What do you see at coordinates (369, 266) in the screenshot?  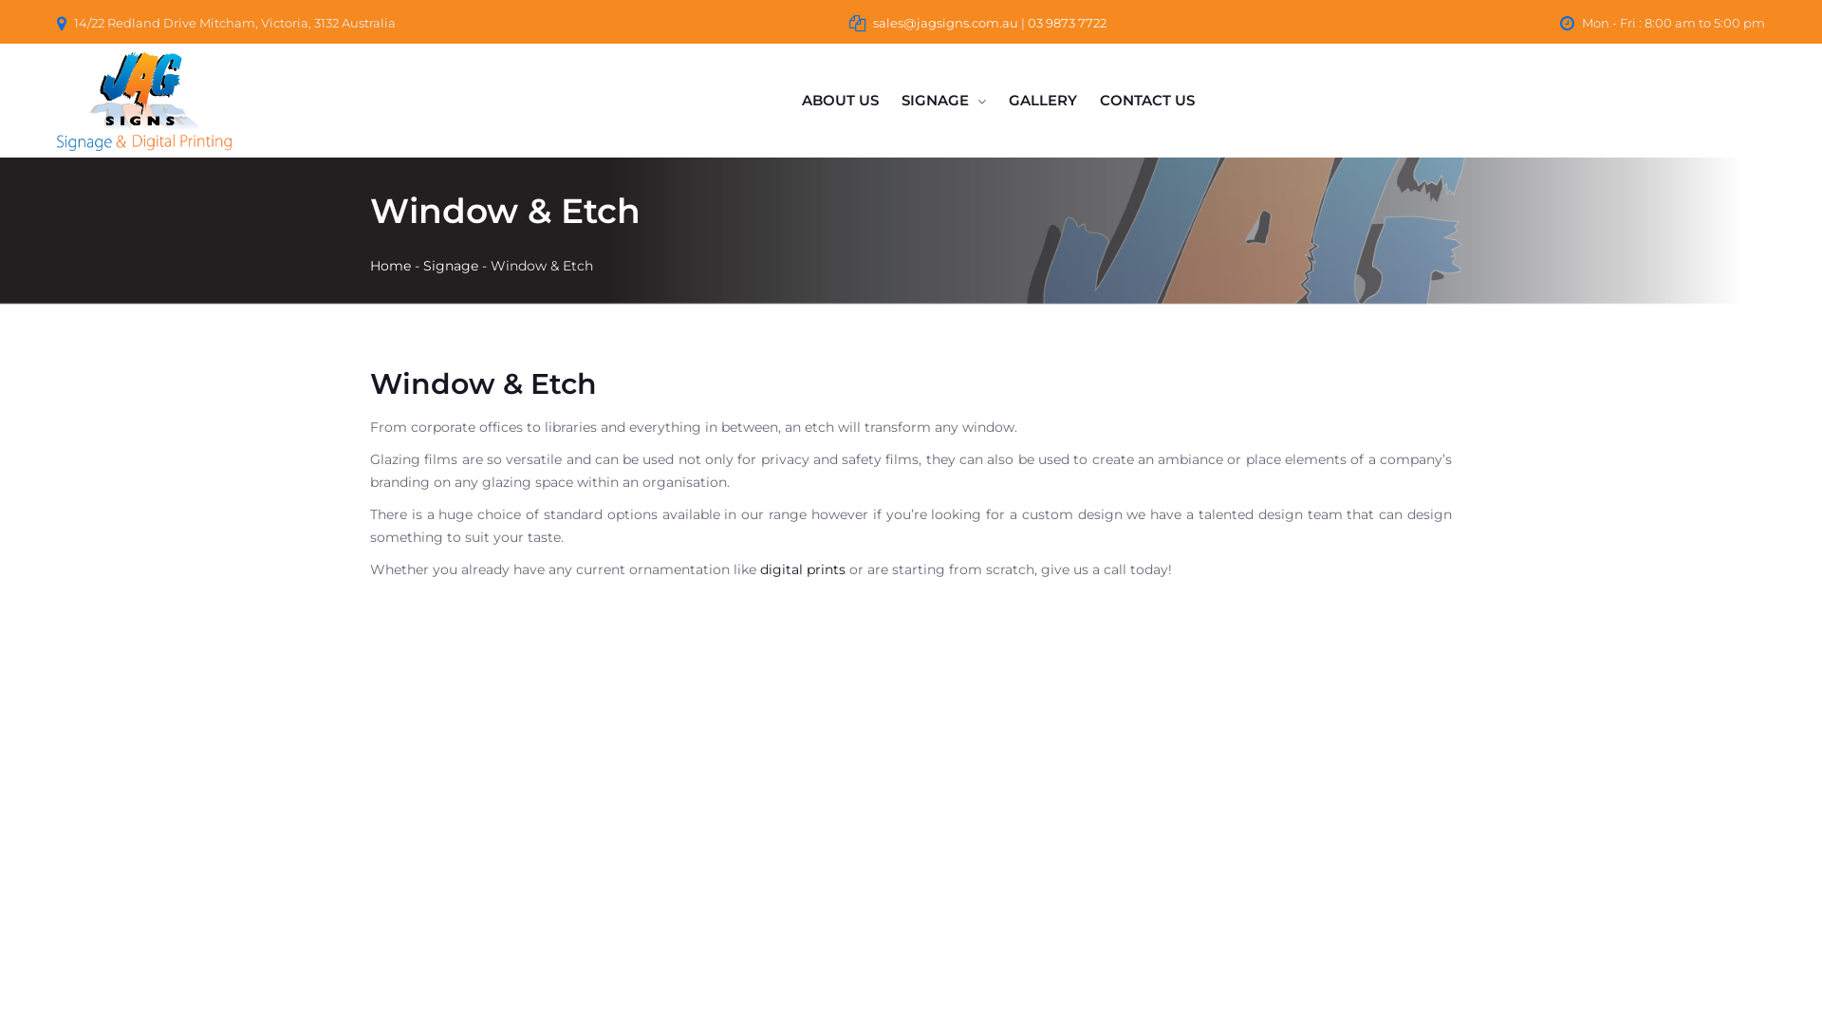 I see `'Home'` at bounding box center [369, 266].